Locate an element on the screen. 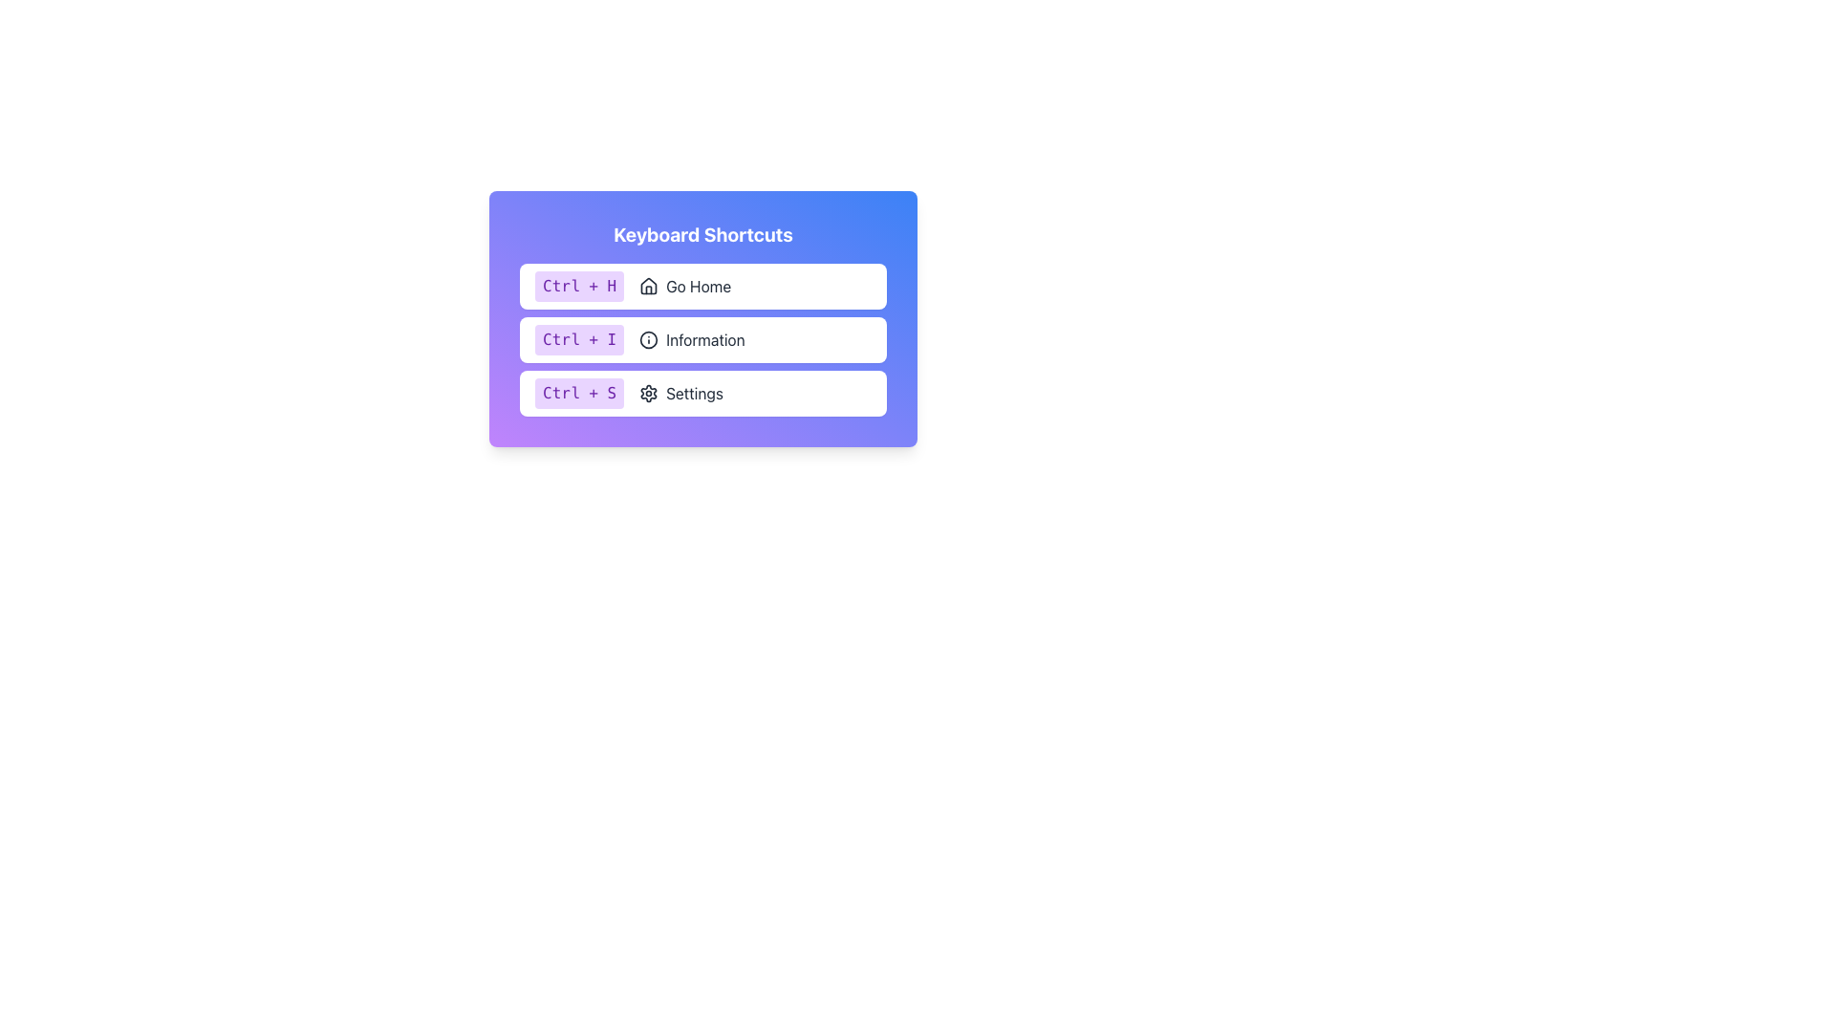  the informational icon, which is a circular icon with an 'i' symbol inside, located to the left of the text 'Information' in the second row of options within the visible menu is located at coordinates (649, 338).